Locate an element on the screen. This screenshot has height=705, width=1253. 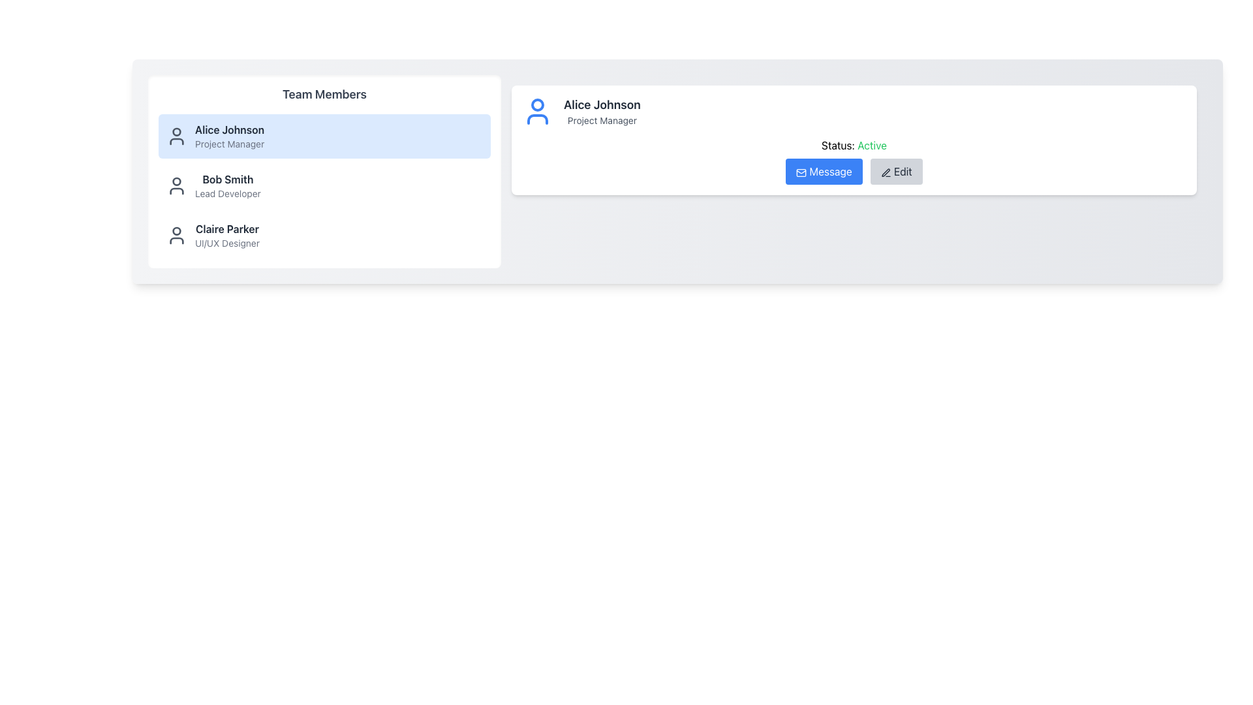
the lower-half humanoid icon vector graphic representing the user avatar for 'Claire Parker' in the 'Team Members' list on the left-hand panel is located at coordinates (176, 241).